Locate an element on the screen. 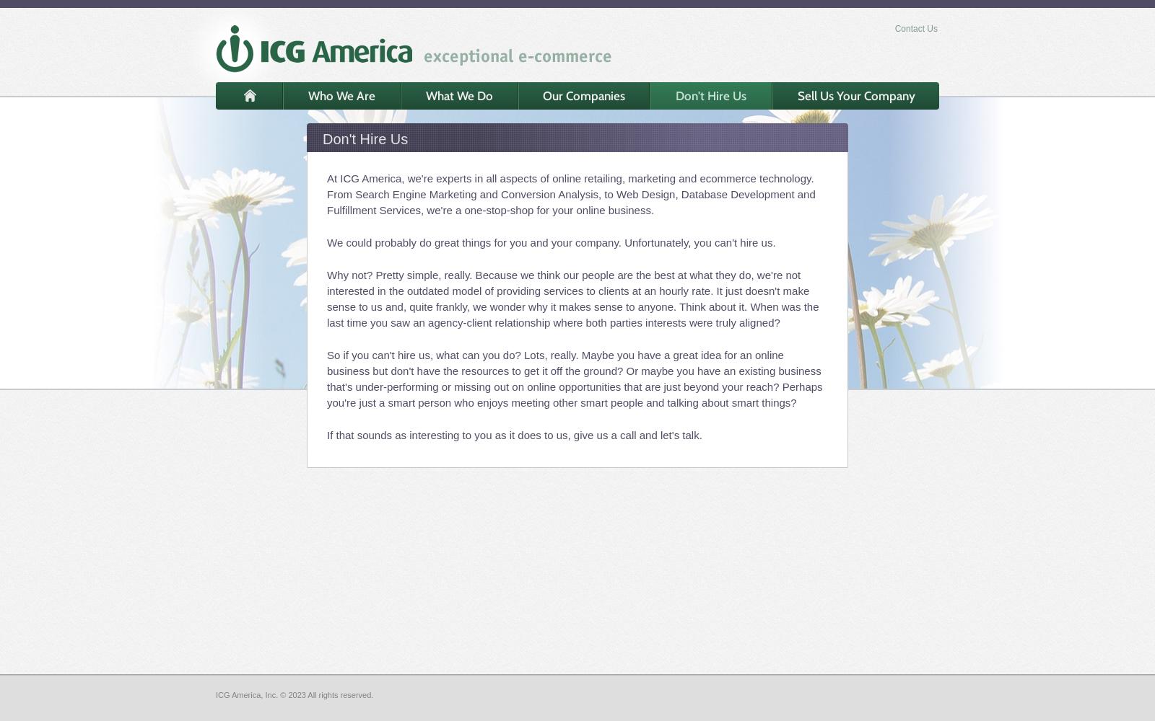 The height and width of the screenshot is (721, 1155). 'ICG America, Inc.  © 2023 All rights reserved.' is located at coordinates (294, 694).